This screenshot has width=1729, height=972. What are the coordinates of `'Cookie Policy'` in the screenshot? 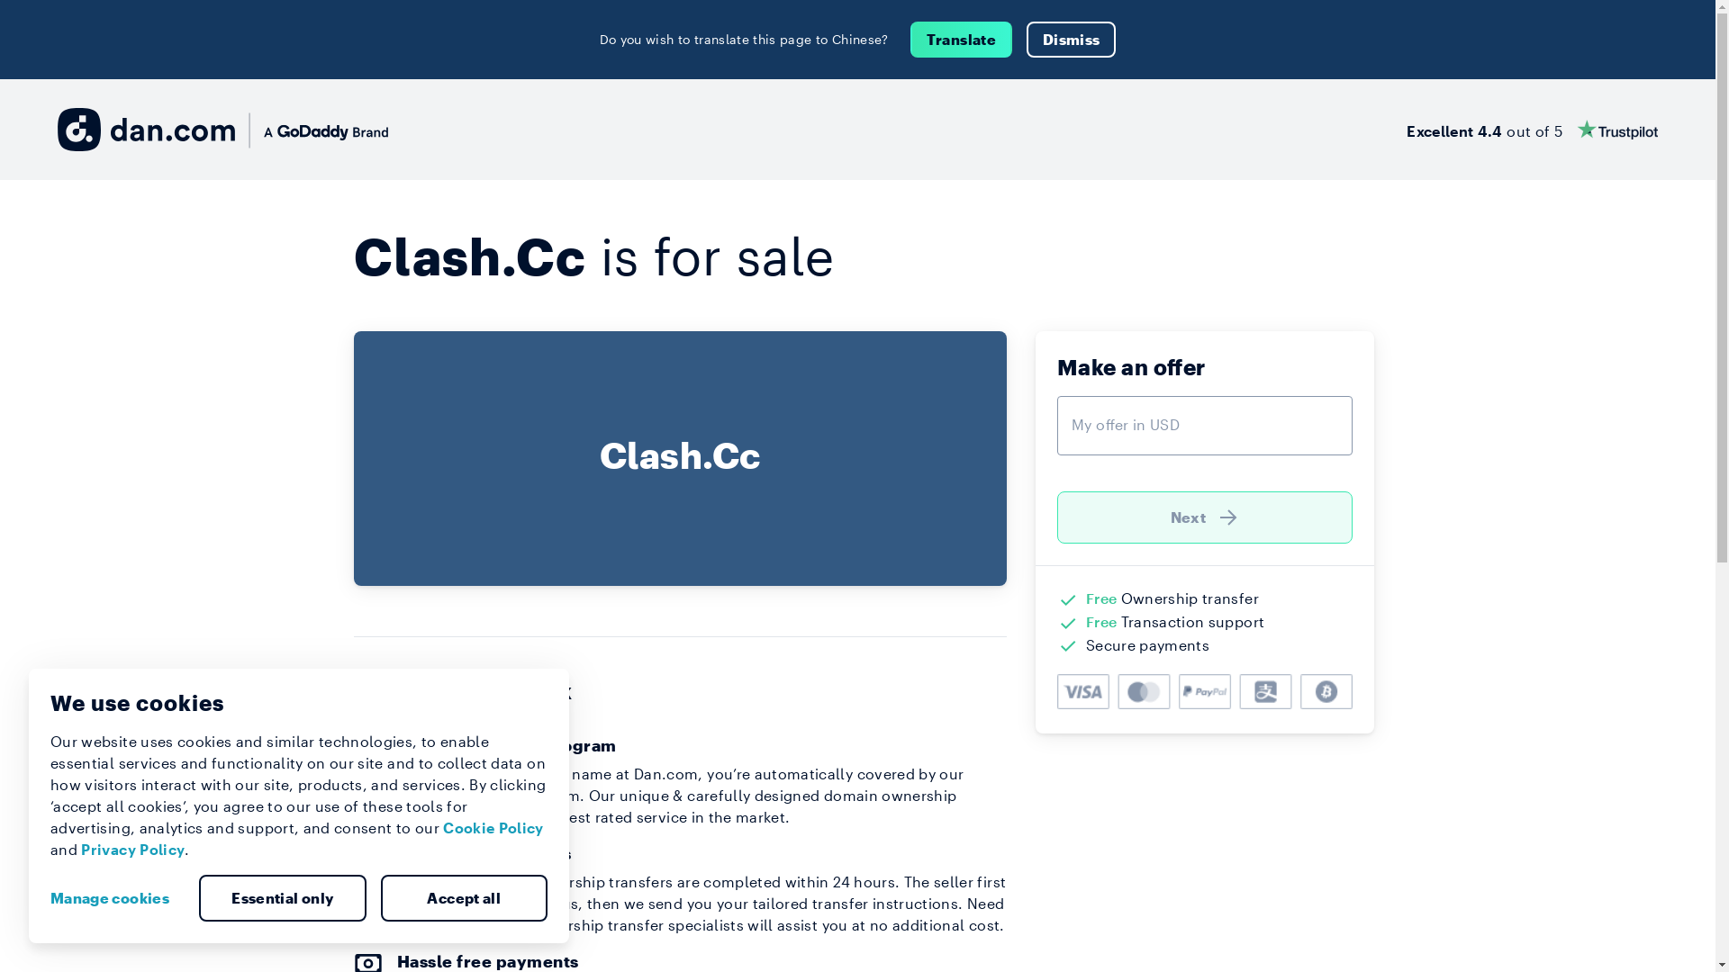 It's located at (493, 827).